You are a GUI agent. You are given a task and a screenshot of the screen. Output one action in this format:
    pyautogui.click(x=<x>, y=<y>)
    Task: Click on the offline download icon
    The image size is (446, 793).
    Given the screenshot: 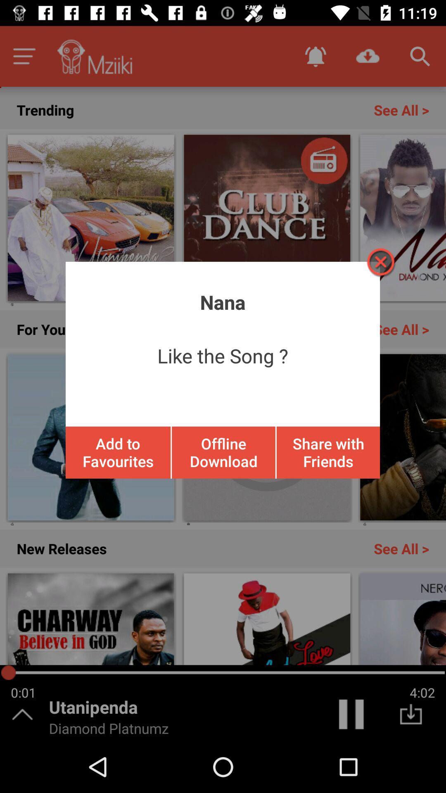 What is the action you would take?
    pyautogui.click(x=223, y=452)
    